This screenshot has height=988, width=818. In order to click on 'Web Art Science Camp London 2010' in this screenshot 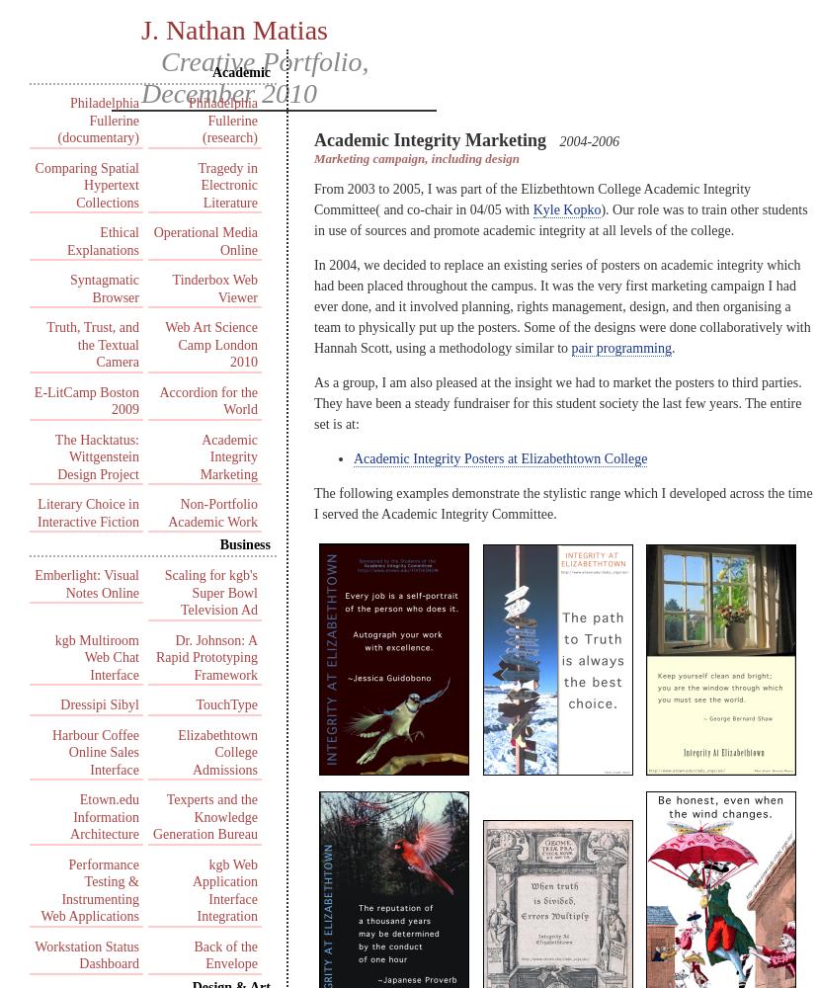, I will do `click(165, 344)`.